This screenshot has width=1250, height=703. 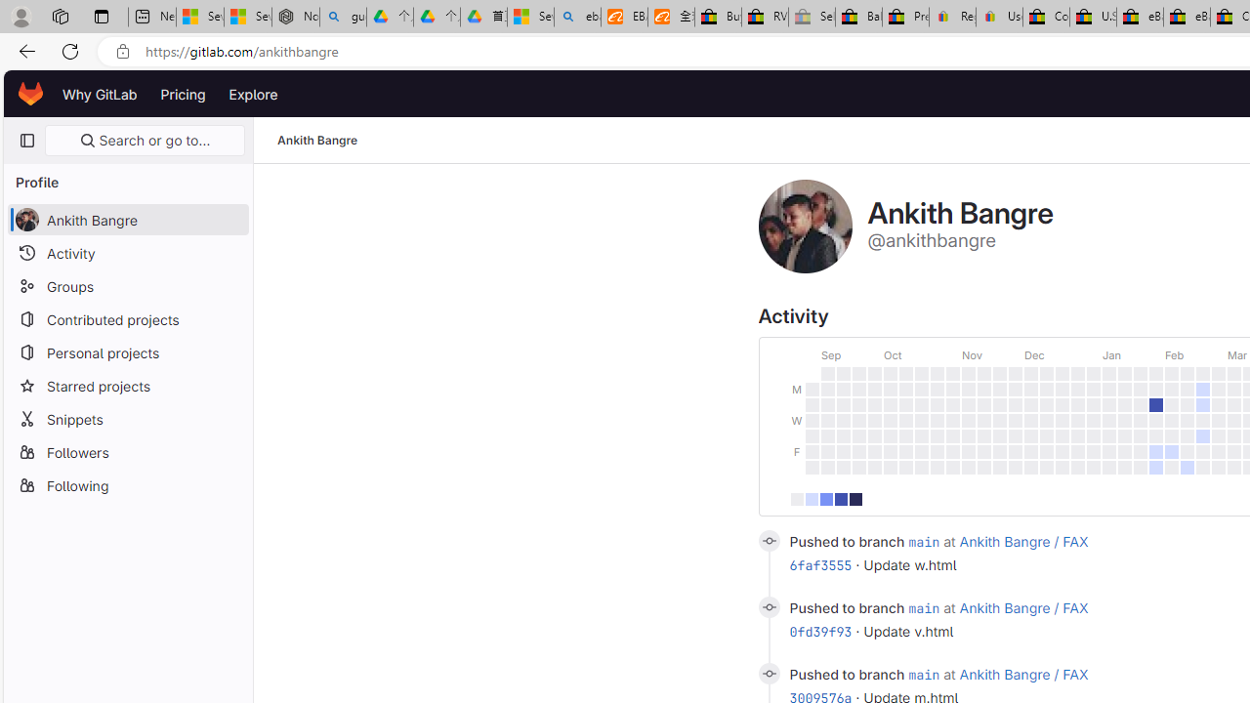 I want to click on 'Followers', so click(x=127, y=451).